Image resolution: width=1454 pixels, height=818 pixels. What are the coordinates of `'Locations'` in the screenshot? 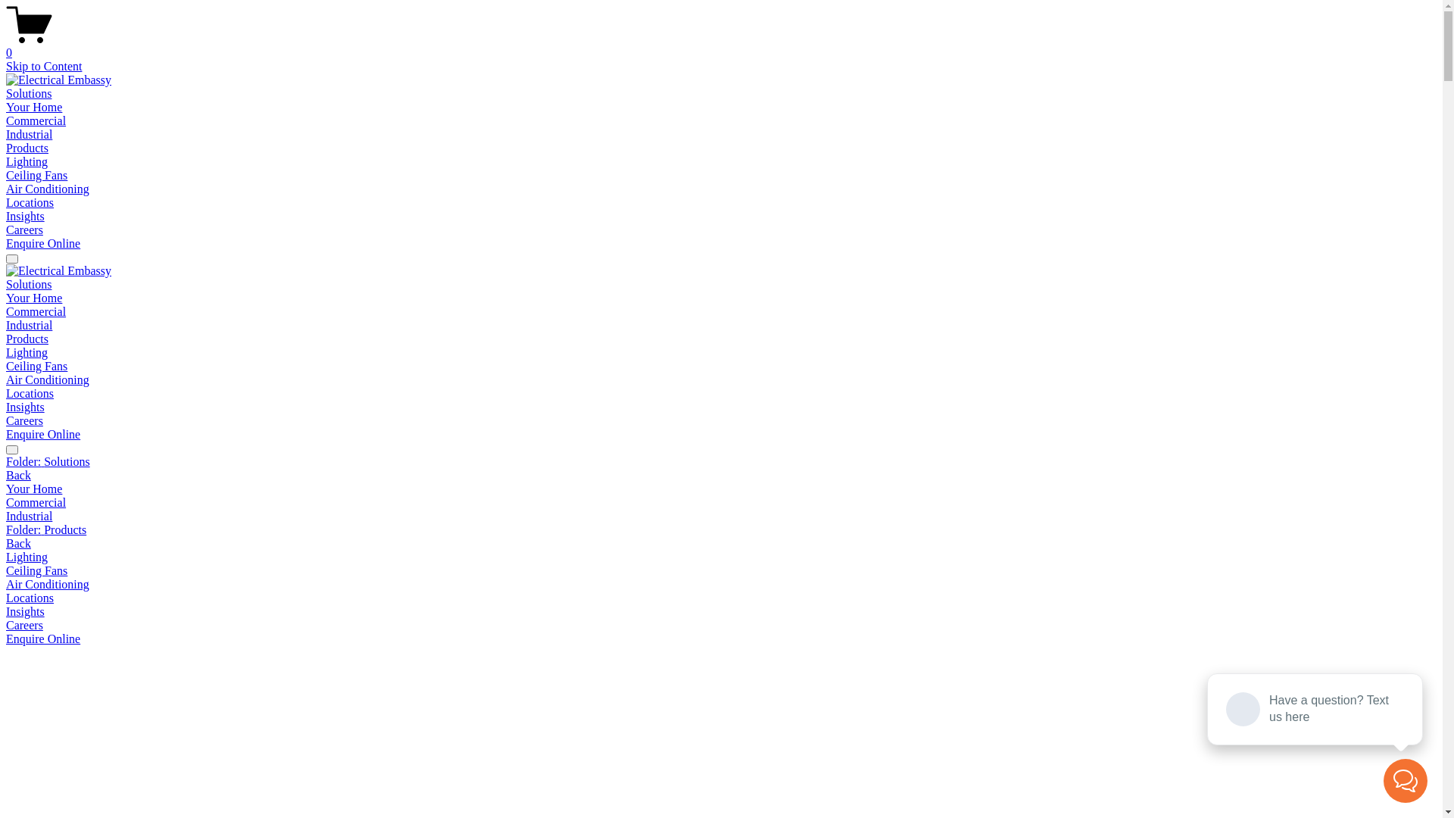 It's located at (720, 598).